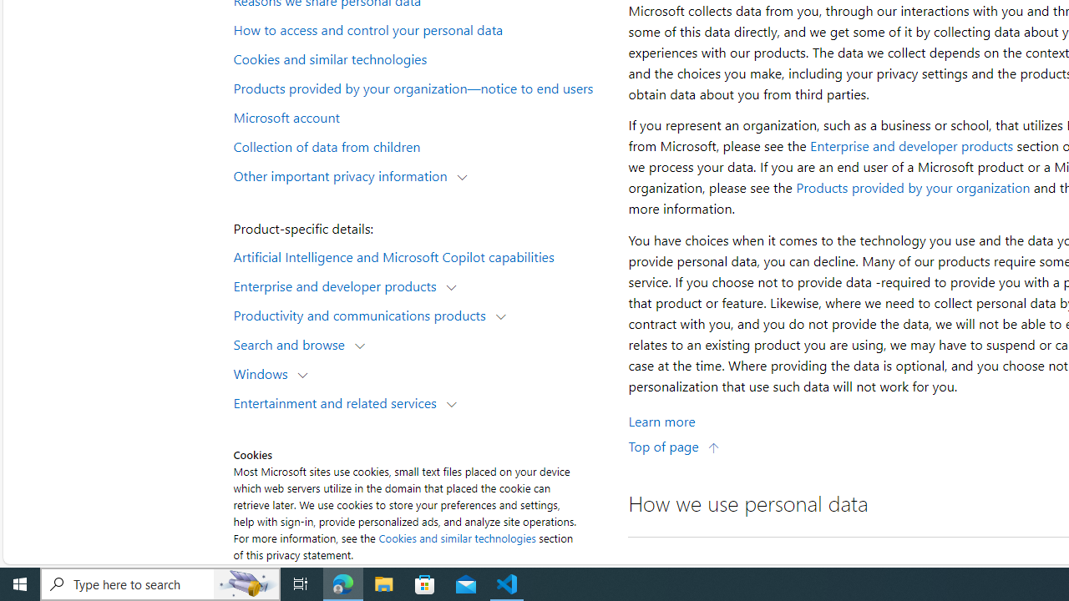 This screenshot has height=601, width=1069. Describe the element at coordinates (910, 144) in the screenshot. I see `'Enterprise and developer products'` at that location.